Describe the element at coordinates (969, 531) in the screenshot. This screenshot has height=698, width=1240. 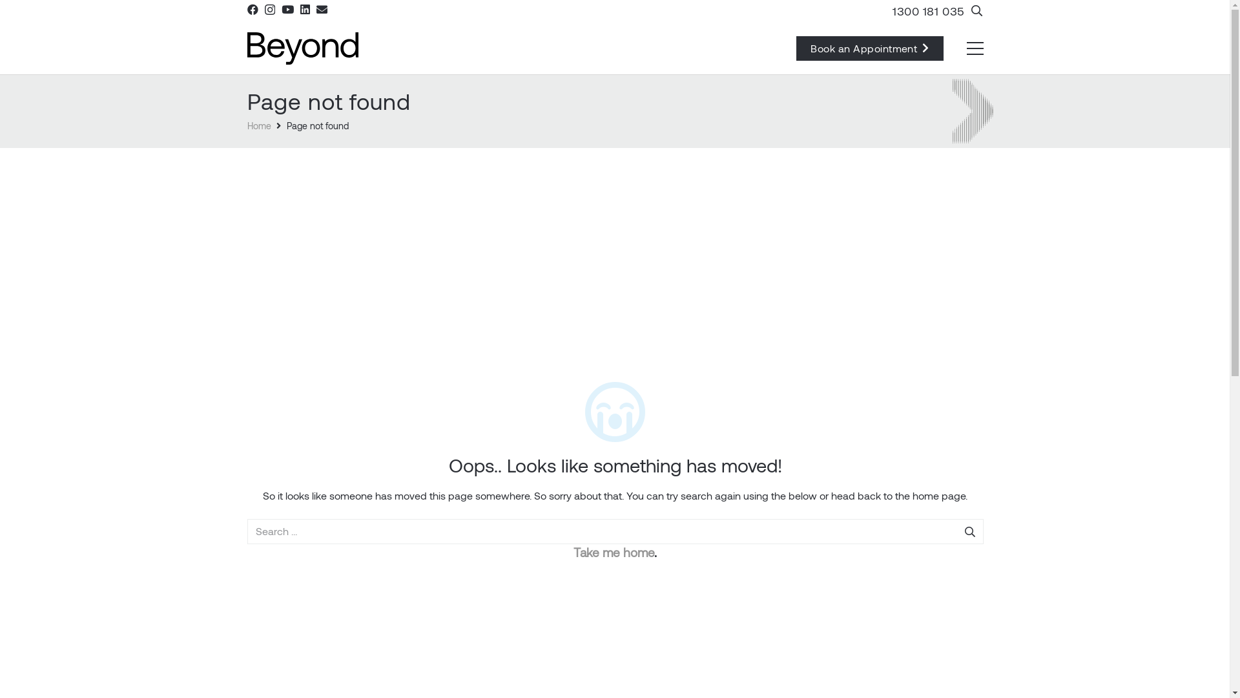
I see `'Search'` at that location.